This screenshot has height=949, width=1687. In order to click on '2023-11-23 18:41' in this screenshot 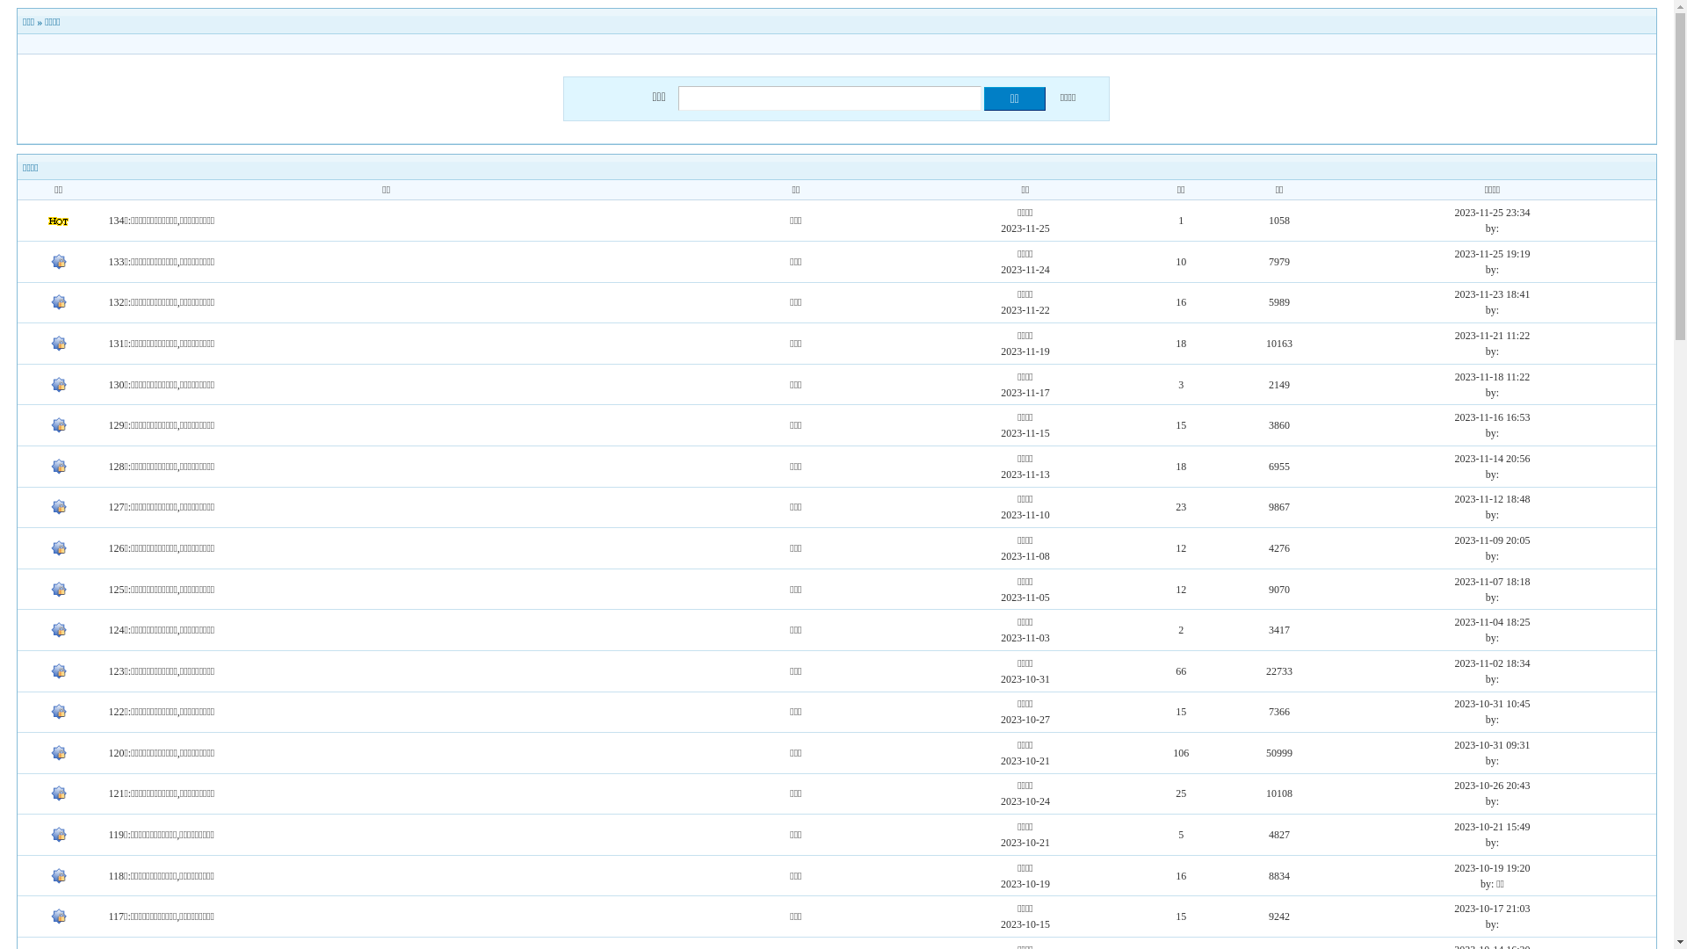, I will do `click(1455, 293)`.